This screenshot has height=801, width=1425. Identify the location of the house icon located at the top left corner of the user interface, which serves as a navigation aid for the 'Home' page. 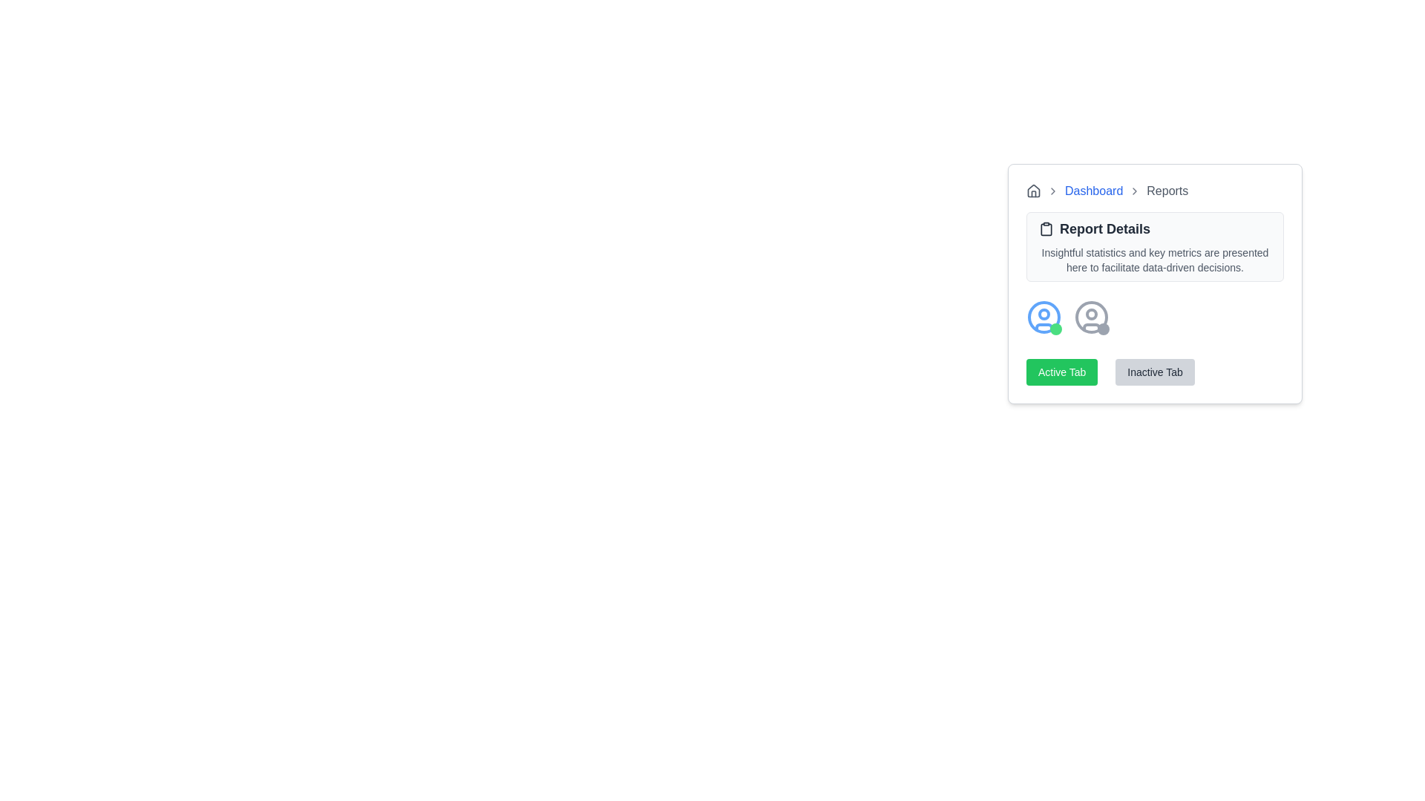
(1032, 190).